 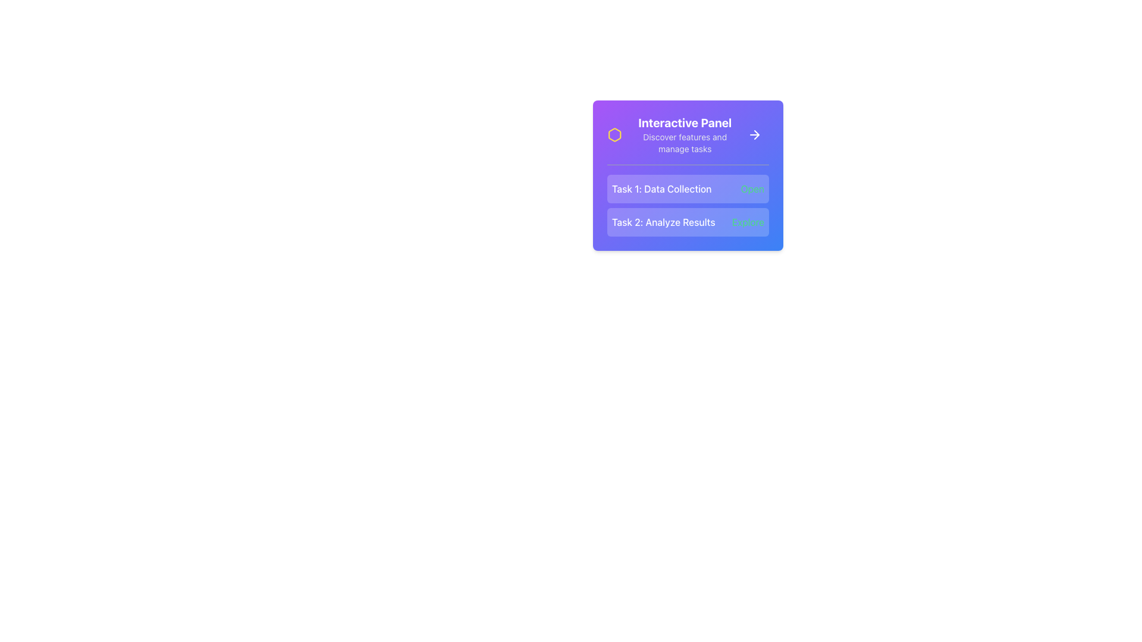 What do you see at coordinates (614, 134) in the screenshot?
I see `the decorative SVG icon located in the top left section of the 'Interactive Panel', adjacent to the panel's textual header` at bounding box center [614, 134].